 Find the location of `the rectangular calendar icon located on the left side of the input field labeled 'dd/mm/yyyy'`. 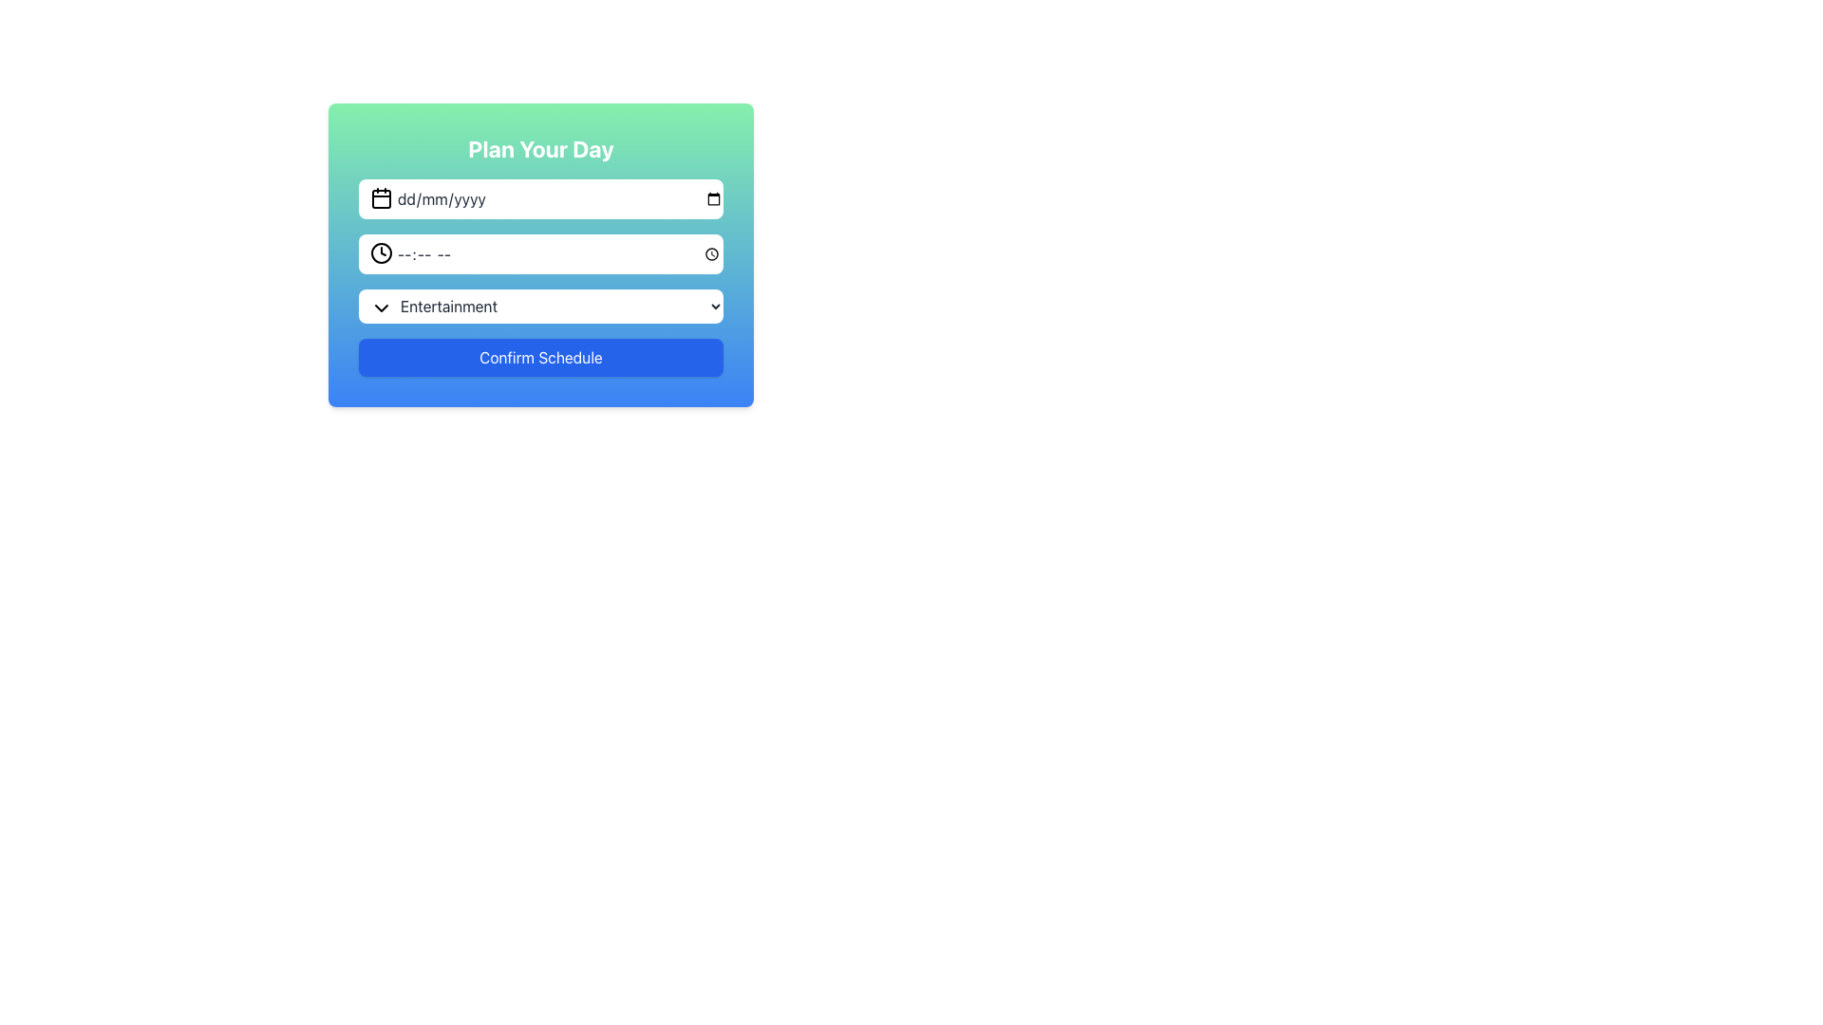

the rectangular calendar icon located on the left side of the input field labeled 'dd/mm/yyyy' is located at coordinates (381, 198).